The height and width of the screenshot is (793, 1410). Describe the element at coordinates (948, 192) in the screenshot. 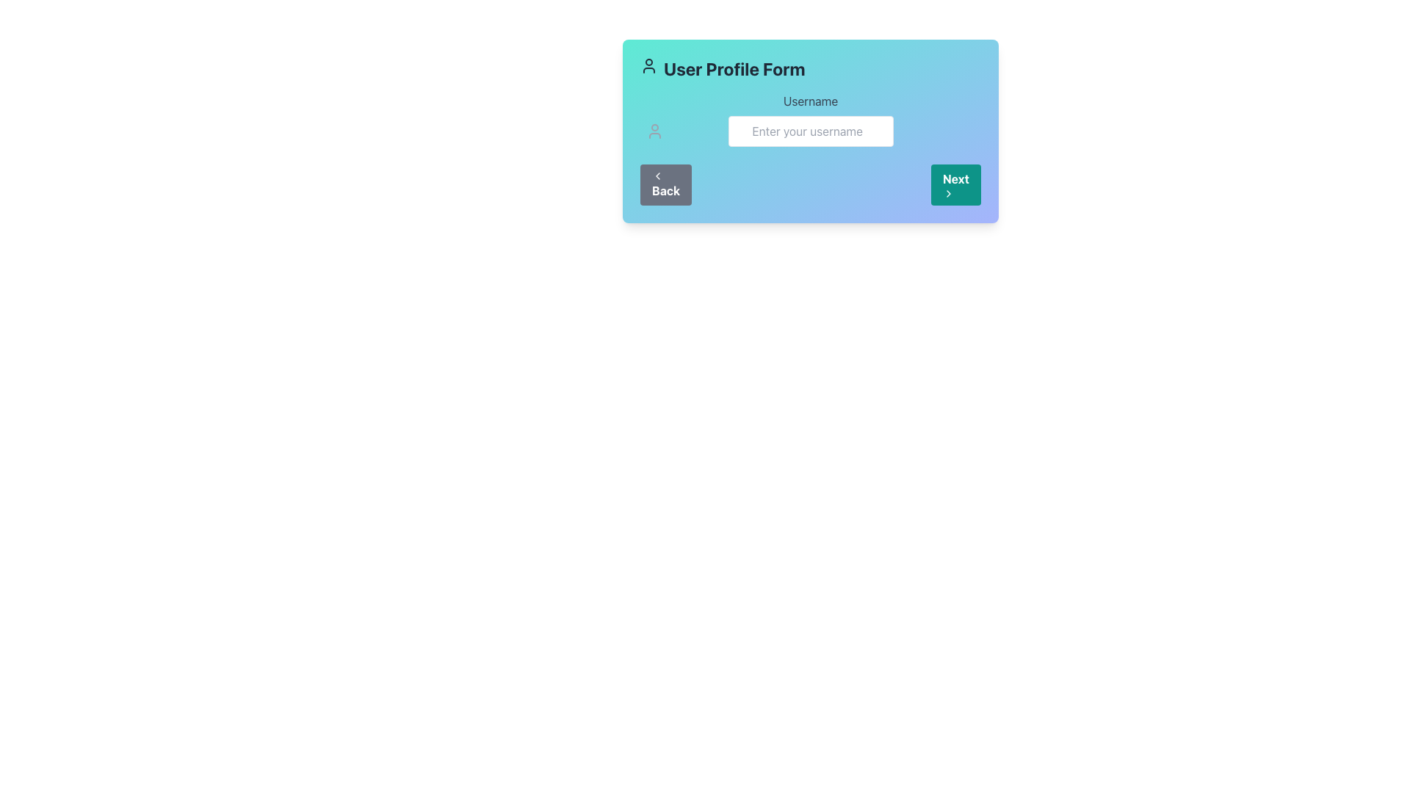

I see `the right-facing chevron arrow icon located at the rightmost end of the 'Next' button` at that location.